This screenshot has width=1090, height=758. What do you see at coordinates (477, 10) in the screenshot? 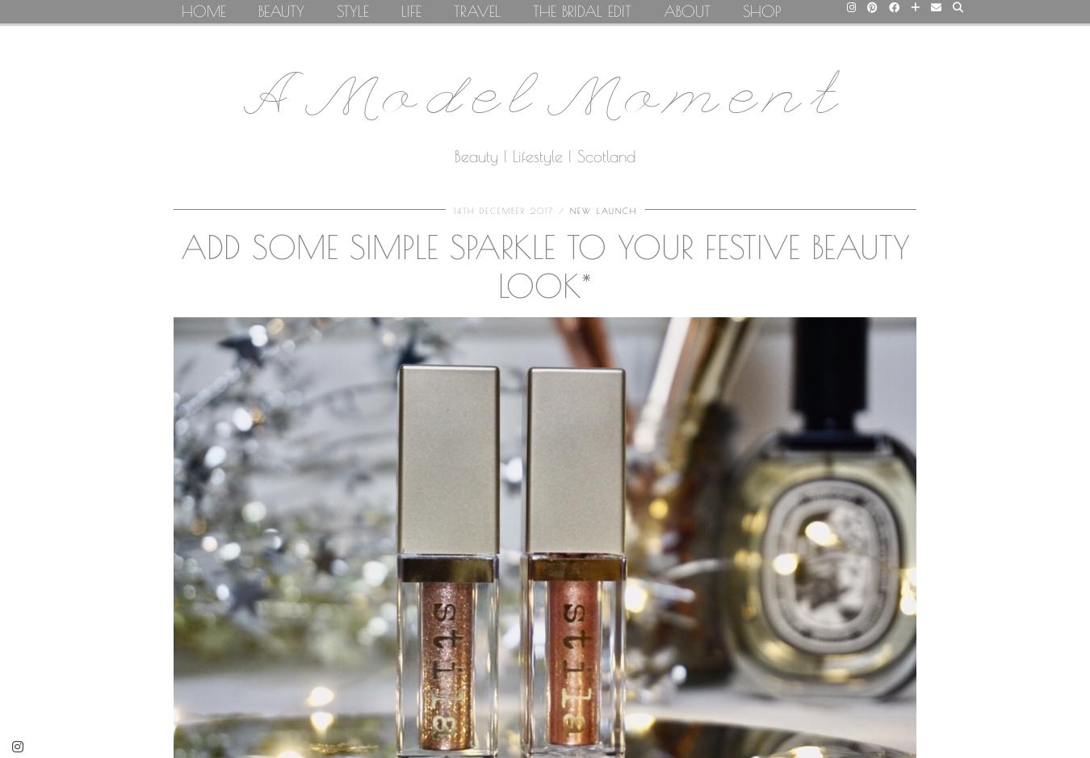
I see `'Travel'` at bounding box center [477, 10].